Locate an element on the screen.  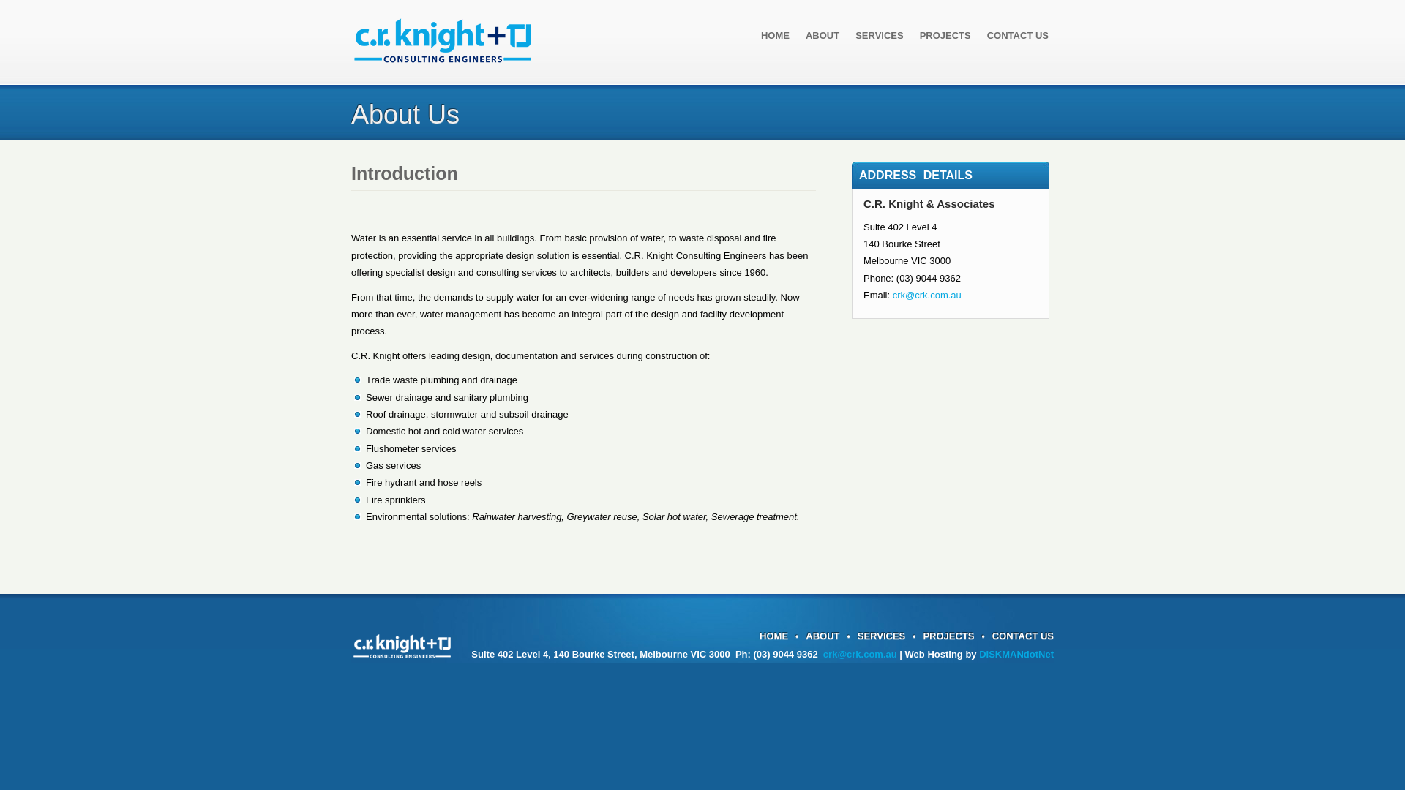
'DISKMANdotNet' is located at coordinates (1015, 653).